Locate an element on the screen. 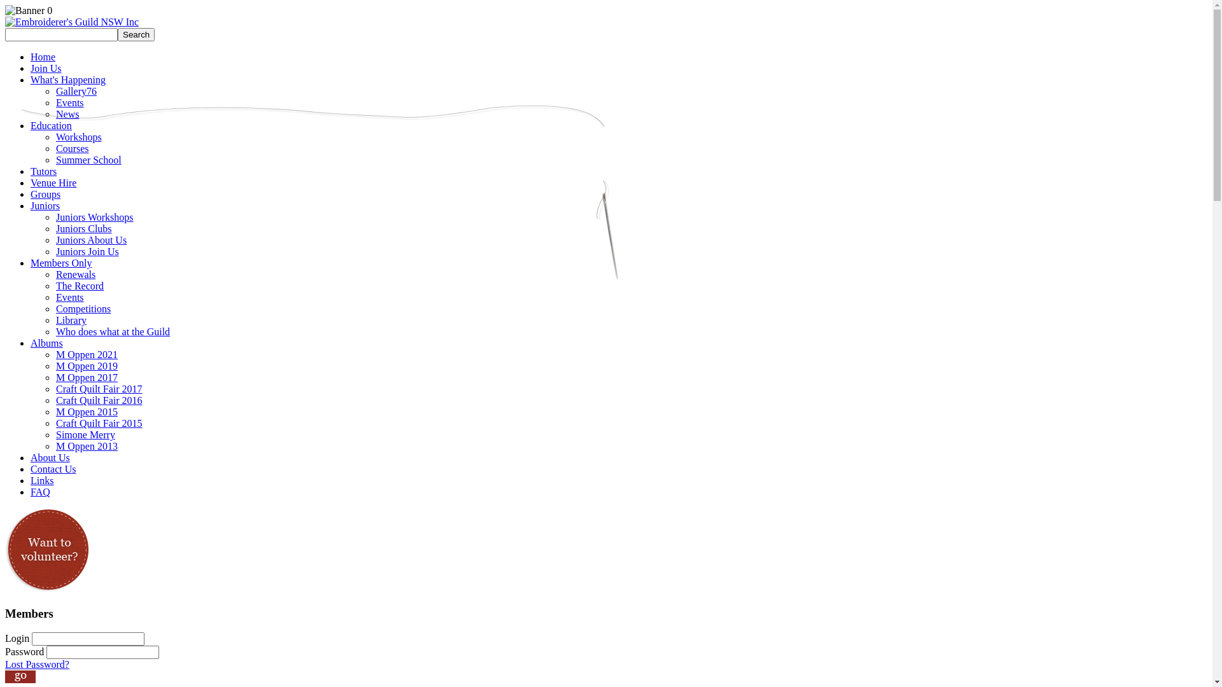 The width and height of the screenshot is (1222, 687). 'Education' is located at coordinates (51, 125).